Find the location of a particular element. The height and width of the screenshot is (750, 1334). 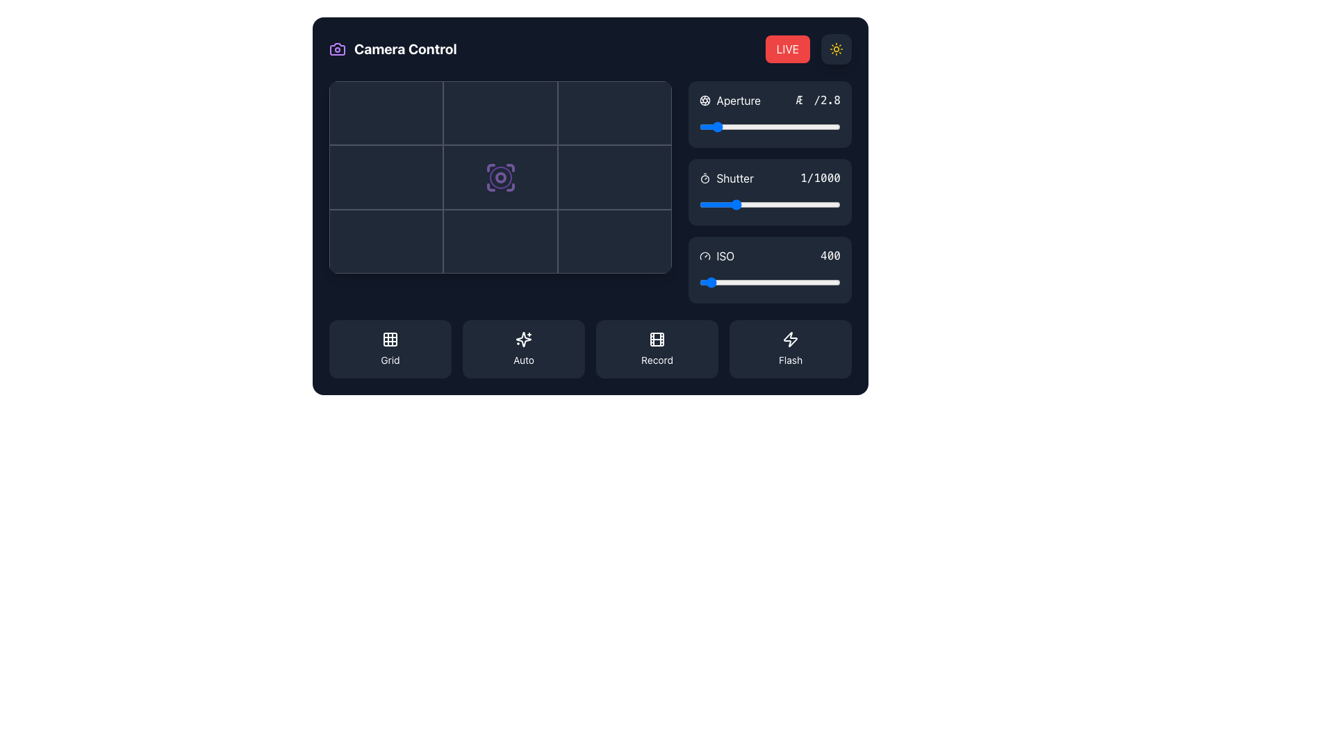

ISO value is located at coordinates (714, 282).